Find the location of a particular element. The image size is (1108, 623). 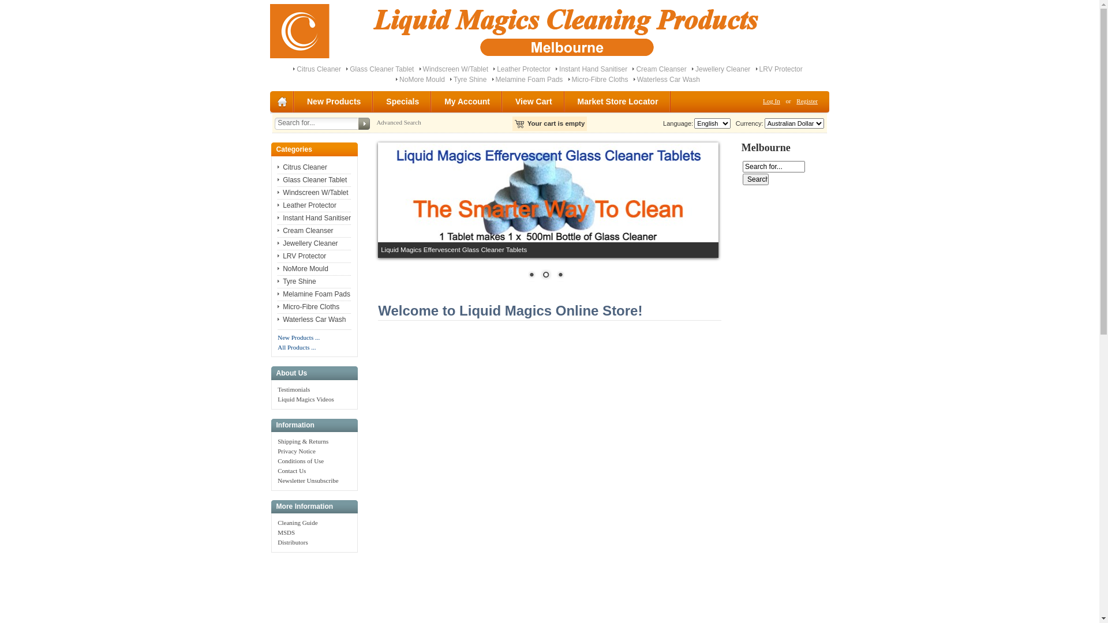

'New Products' is located at coordinates (334, 101).